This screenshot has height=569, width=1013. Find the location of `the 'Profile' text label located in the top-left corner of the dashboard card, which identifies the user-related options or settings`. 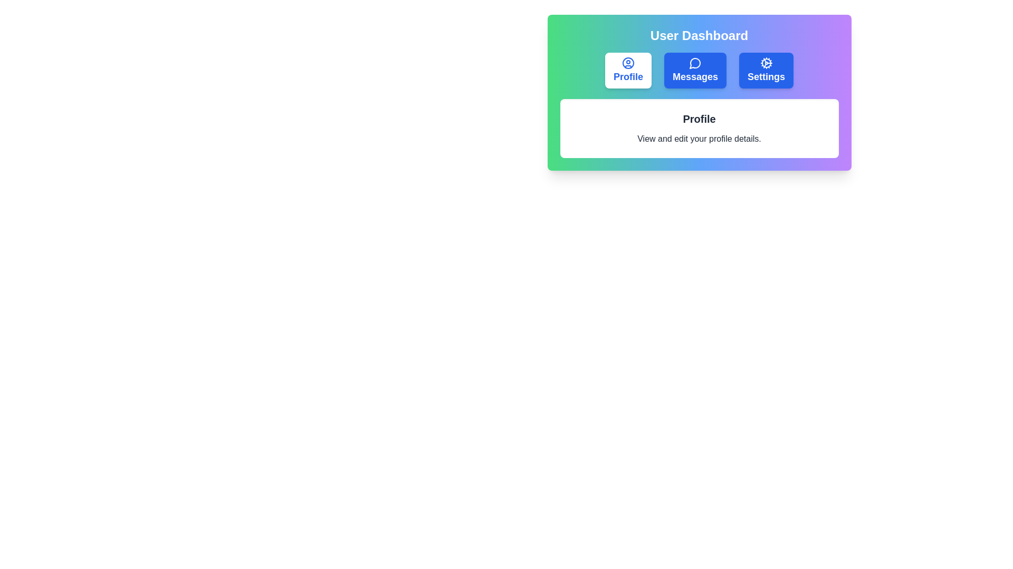

the 'Profile' text label located in the top-left corner of the dashboard card, which identifies the user-related options or settings is located at coordinates (628, 76).